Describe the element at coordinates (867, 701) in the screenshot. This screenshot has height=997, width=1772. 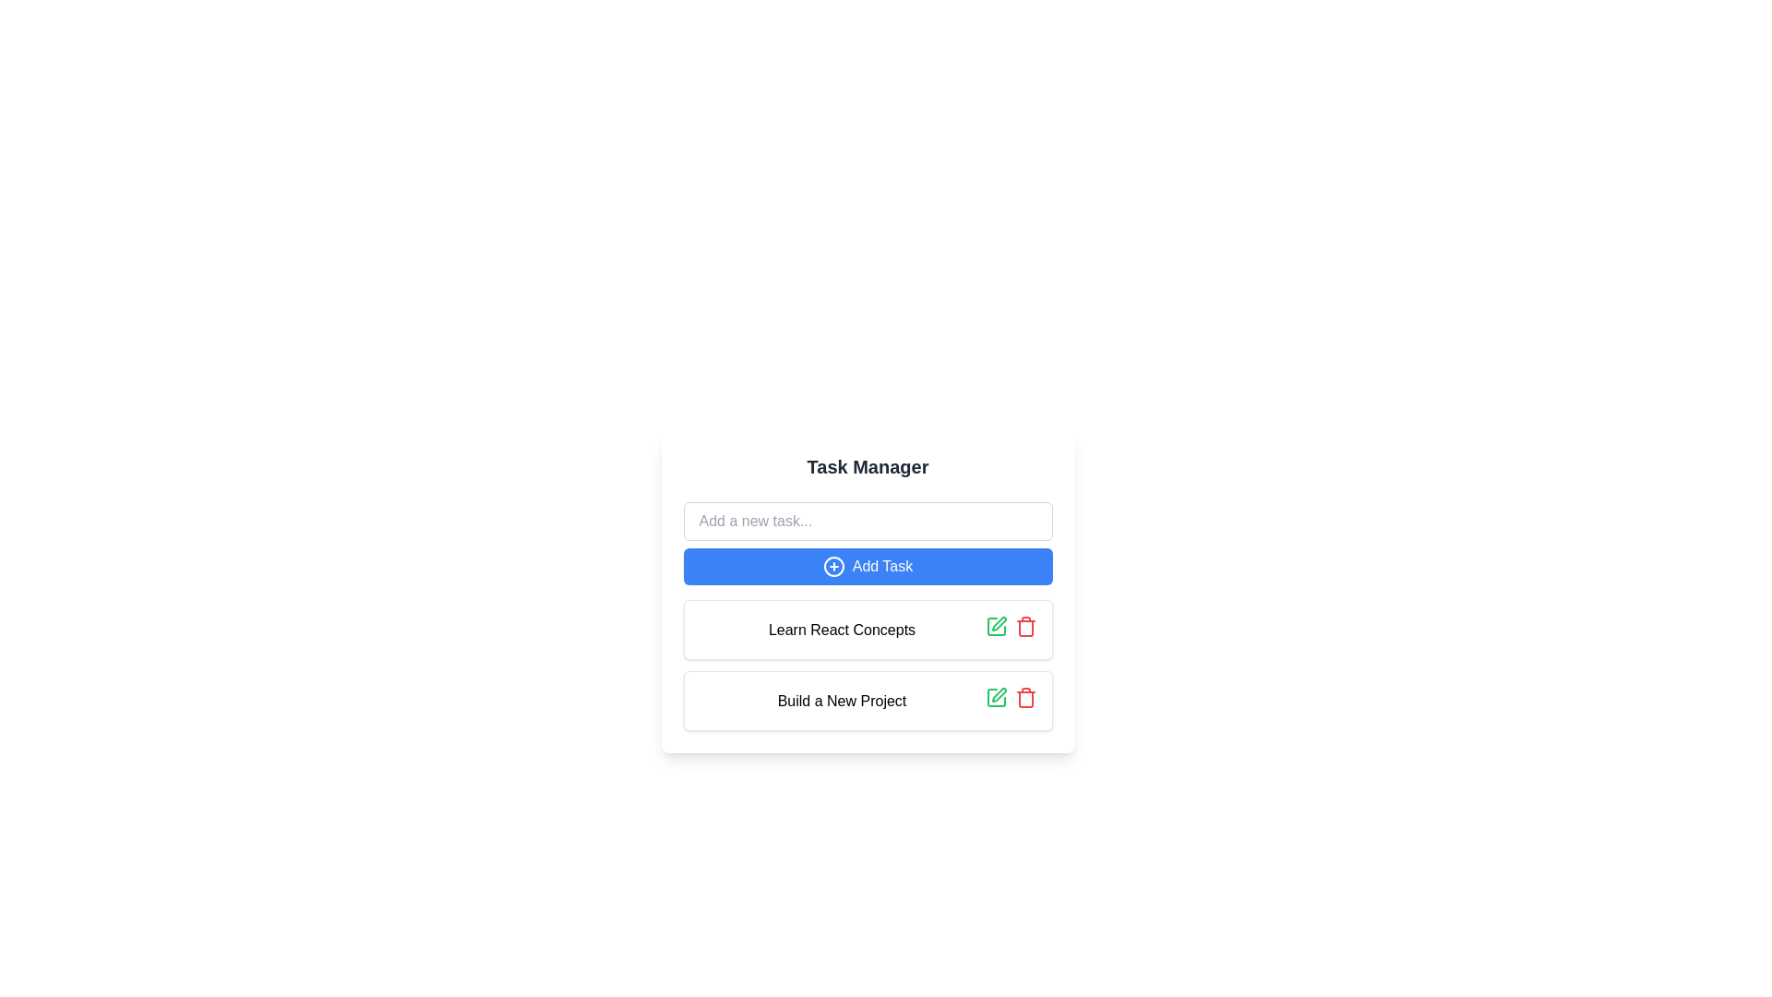
I see `the task entry card labeled 'Build a New Project' in the task manager interface` at that location.